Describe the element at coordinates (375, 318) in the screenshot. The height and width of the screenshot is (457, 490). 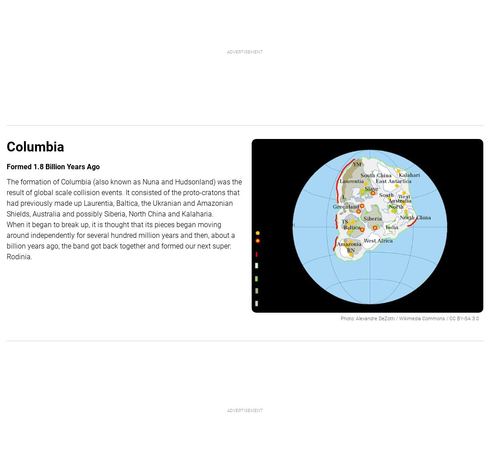
I see `'Alexandre DeZotti'` at that location.